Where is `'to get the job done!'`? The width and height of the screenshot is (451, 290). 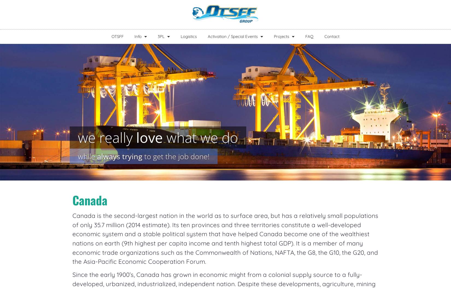 'to get the job done!' is located at coordinates (175, 156).